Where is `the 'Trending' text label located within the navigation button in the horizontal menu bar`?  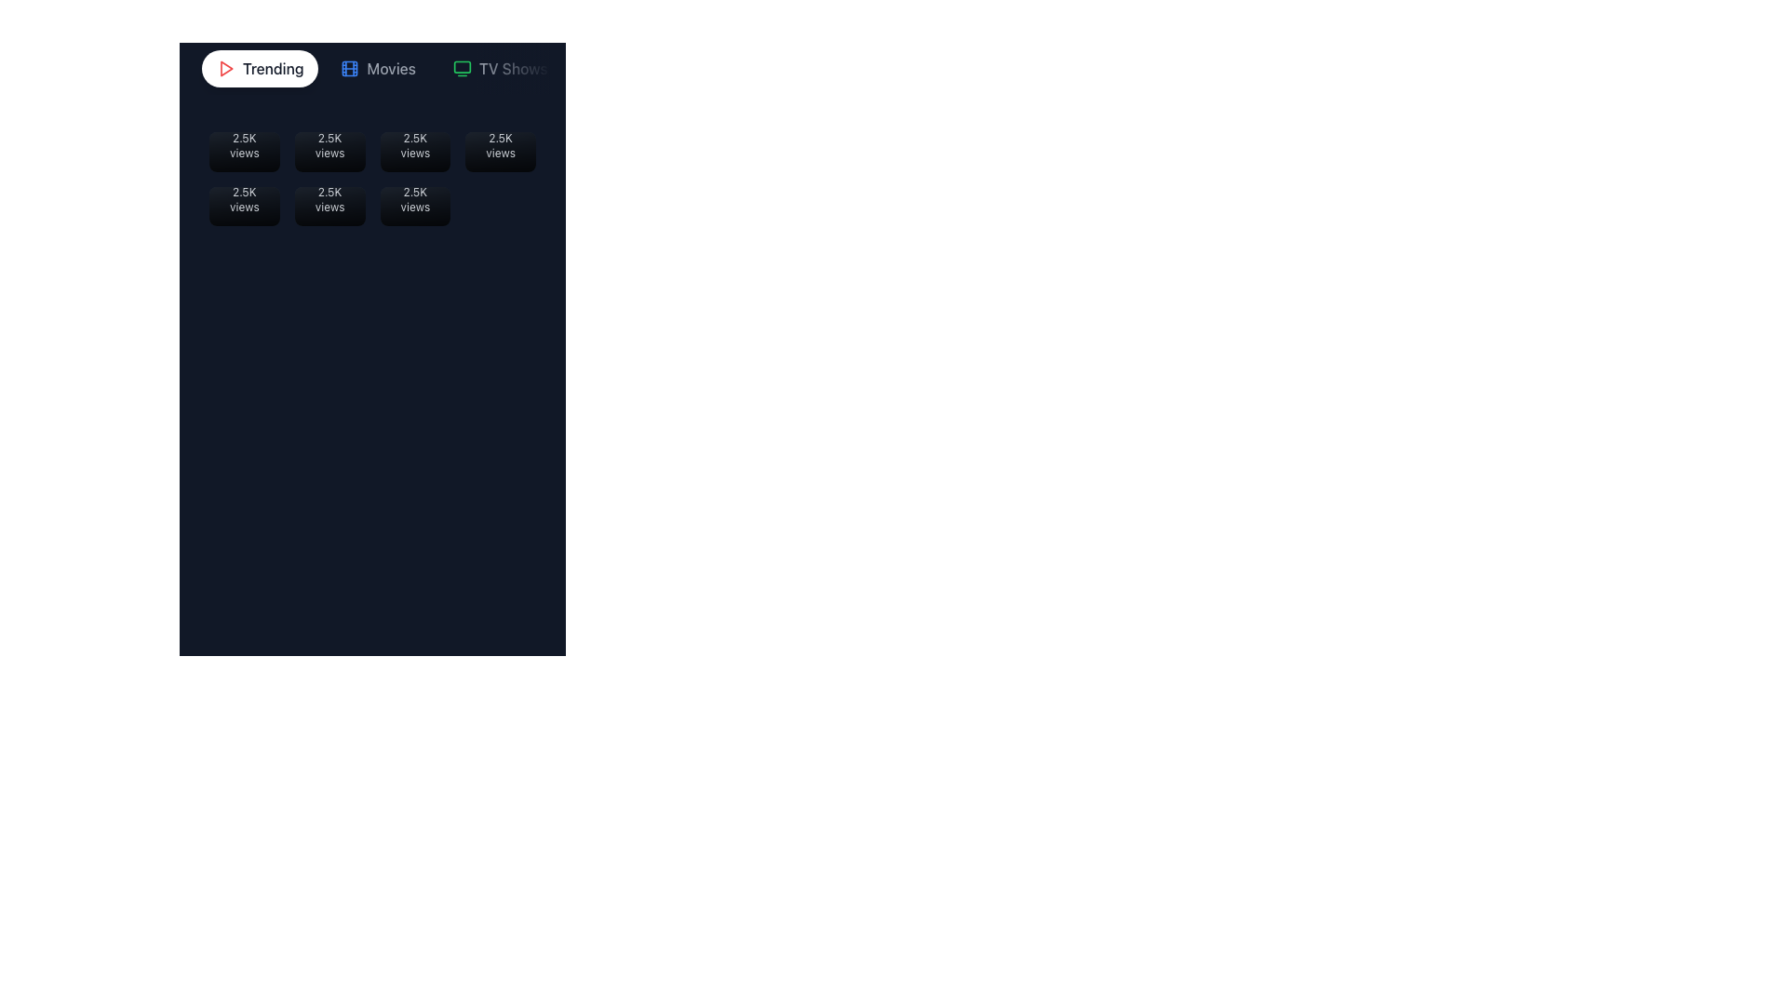
the 'Trending' text label located within the navigation button in the horizontal menu bar is located at coordinates (272, 67).